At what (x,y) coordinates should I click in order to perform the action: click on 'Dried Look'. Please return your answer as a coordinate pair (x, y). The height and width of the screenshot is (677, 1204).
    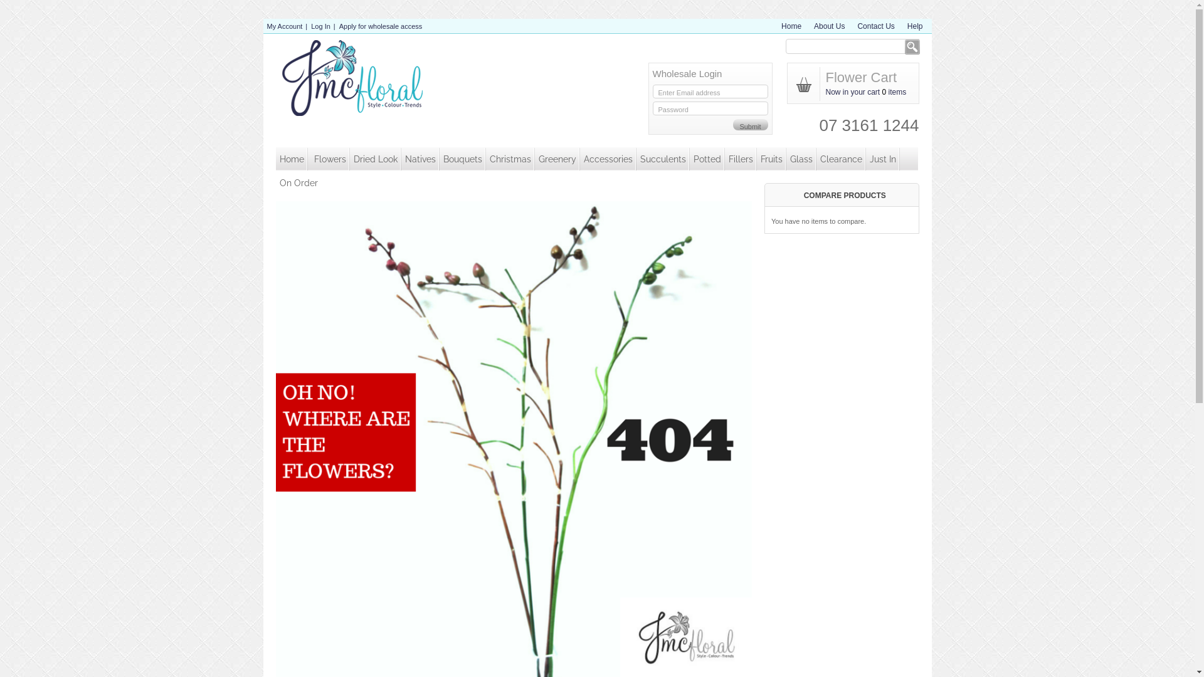
    Looking at the image, I should click on (375, 159).